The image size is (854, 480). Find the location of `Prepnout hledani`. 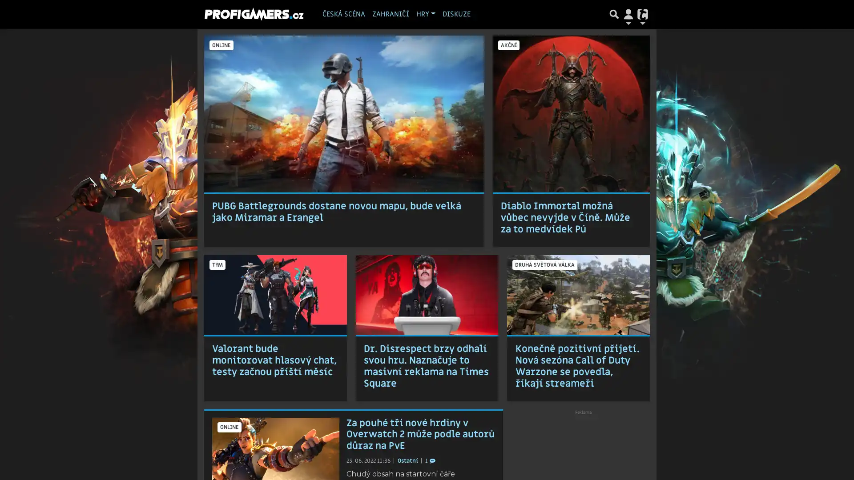

Prepnout hledani is located at coordinates (614, 14).